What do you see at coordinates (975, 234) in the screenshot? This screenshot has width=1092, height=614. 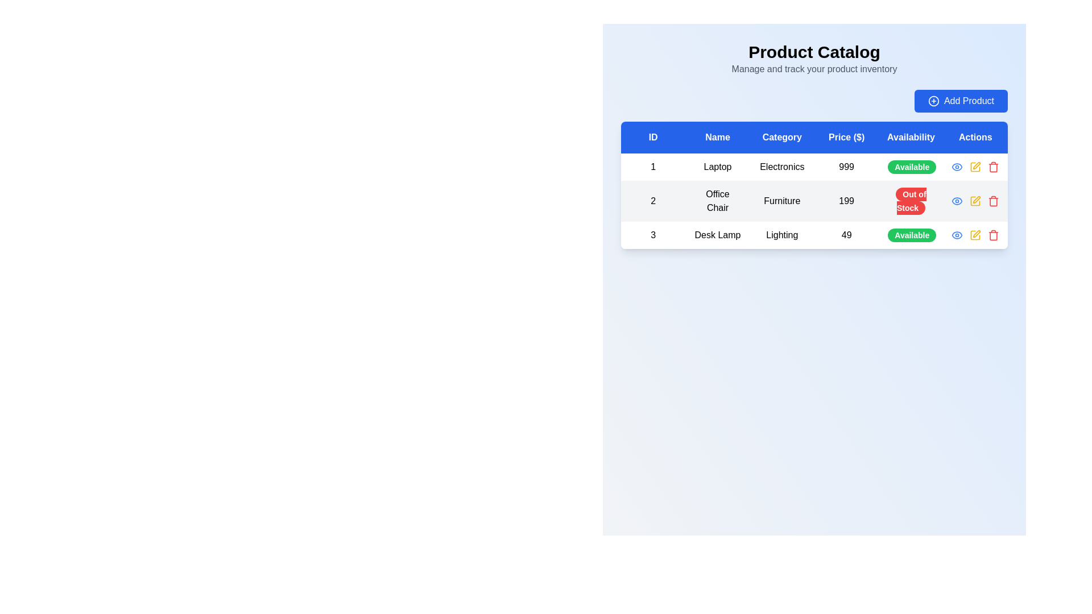 I see `the yellow pencil icon button in the 'Actions' column of the third row for the 'Desk Lamp' entry` at bounding box center [975, 234].